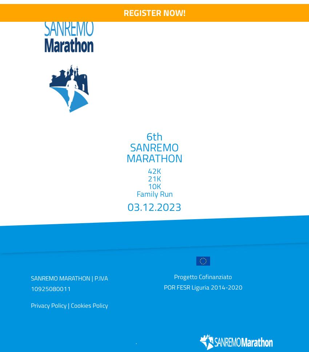  I want to click on 'SANREMO MARATHON | P.IVA 10925080011', so click(69, 283).